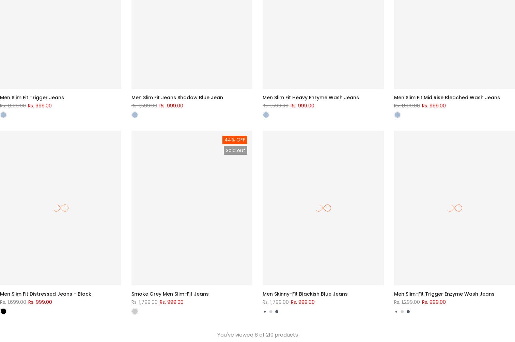 The image size is (515, 342). I want to click on 'Men Slim Fit Heavy Enzyme Wash Jeans', so click(262, 97).